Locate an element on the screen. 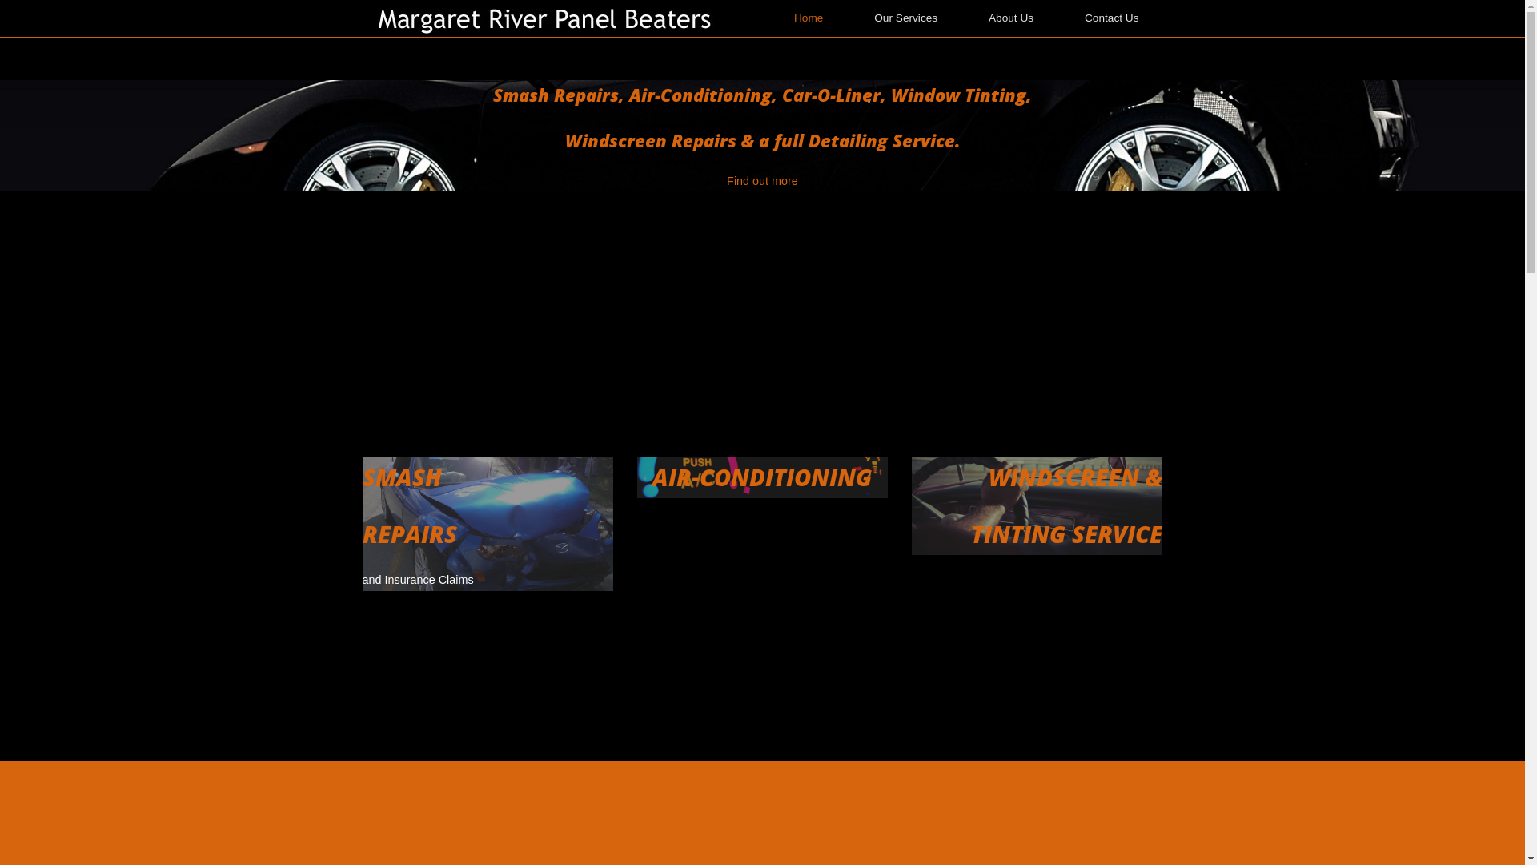 This screenshot has height=865, width=1537. 'Find out more' is located at coordinates (725, 180).